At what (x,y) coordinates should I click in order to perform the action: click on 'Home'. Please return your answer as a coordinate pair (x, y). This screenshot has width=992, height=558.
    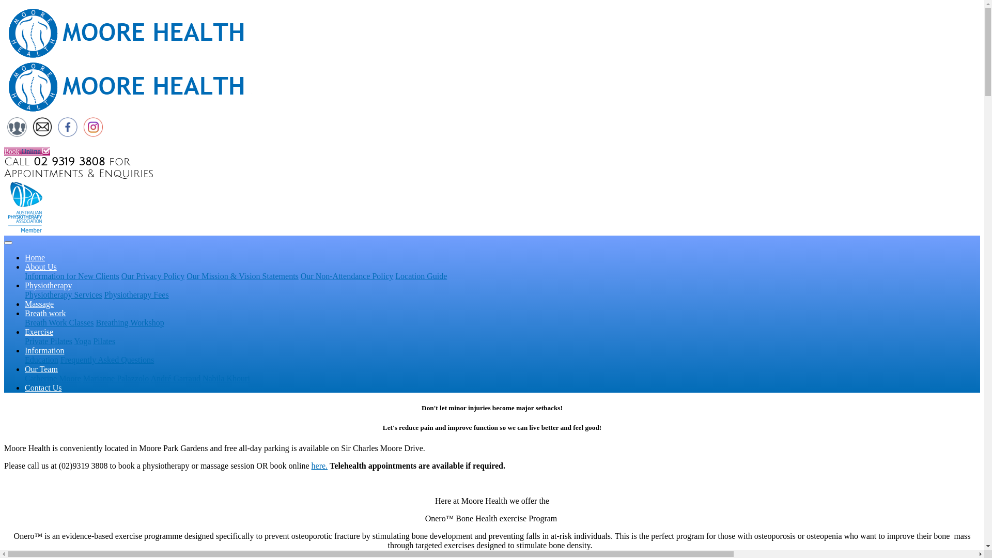
    Looking at the image, I should click on (35, 257).